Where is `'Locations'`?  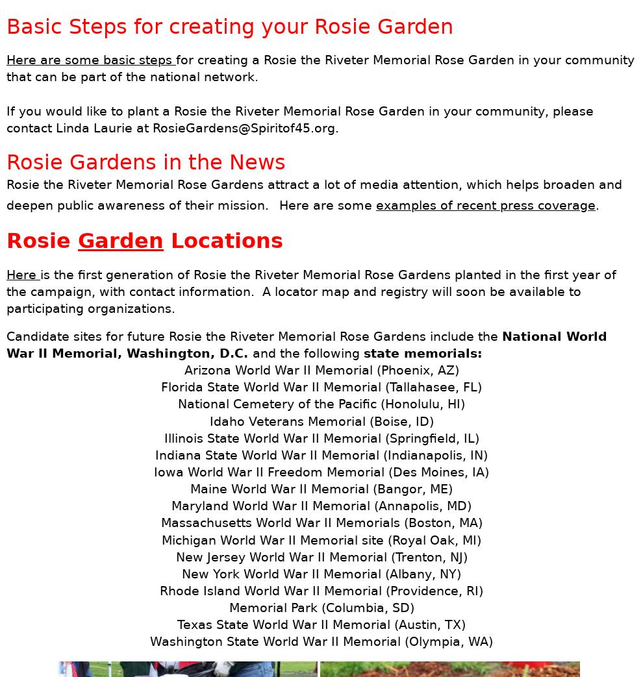
'Locations' is located at coordinates (223, 240).